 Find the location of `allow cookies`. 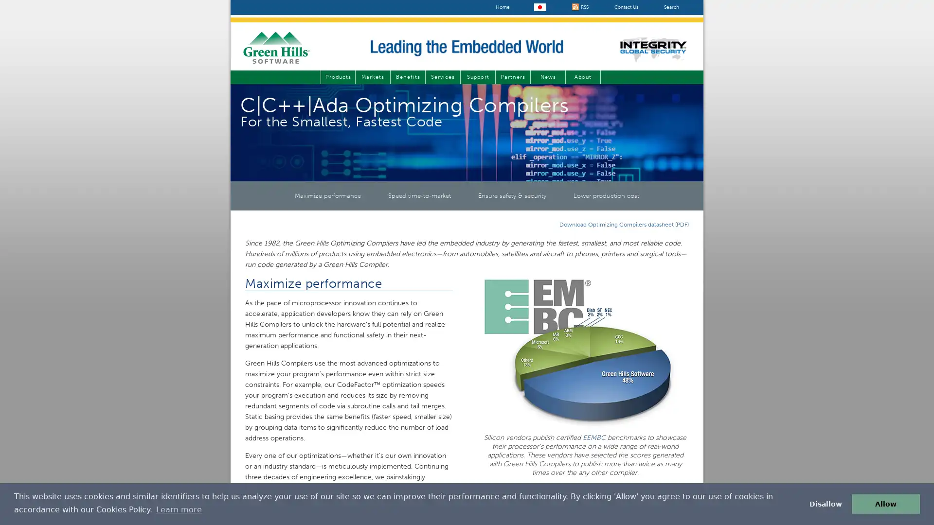

allow cookies is located at coordinates (885, 503).